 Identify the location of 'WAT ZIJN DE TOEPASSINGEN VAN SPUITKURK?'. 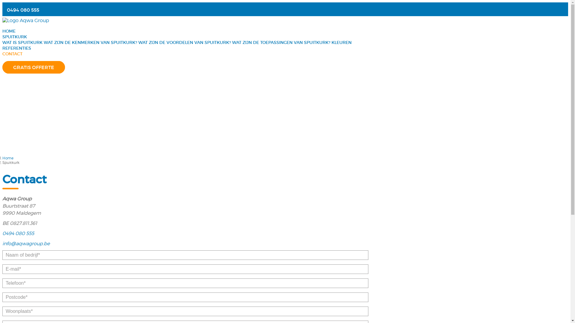
(231, 42).